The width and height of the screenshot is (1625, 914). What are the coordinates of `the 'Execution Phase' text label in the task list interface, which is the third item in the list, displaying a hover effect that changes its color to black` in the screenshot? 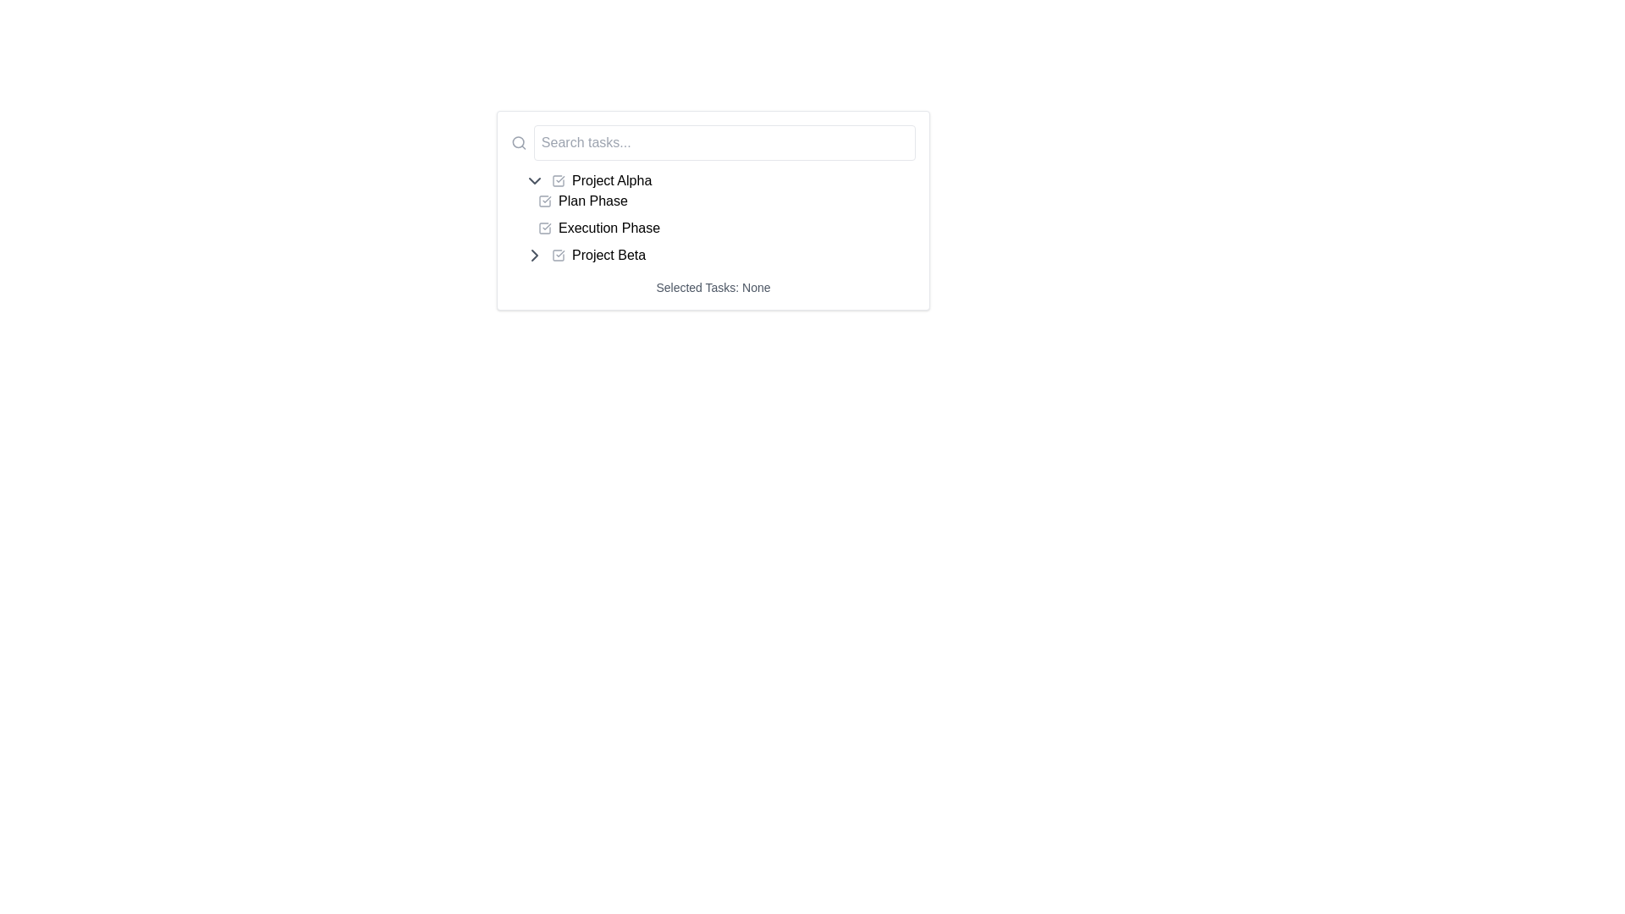 It's located at (609, 228).